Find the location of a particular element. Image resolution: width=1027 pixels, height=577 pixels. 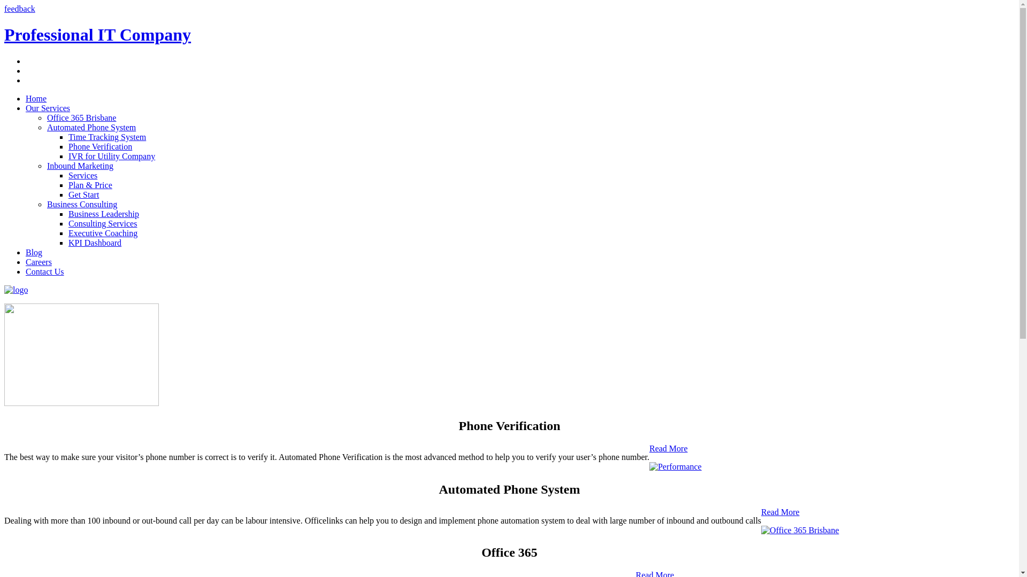

'Careers' is located at coordinates (39, 262).